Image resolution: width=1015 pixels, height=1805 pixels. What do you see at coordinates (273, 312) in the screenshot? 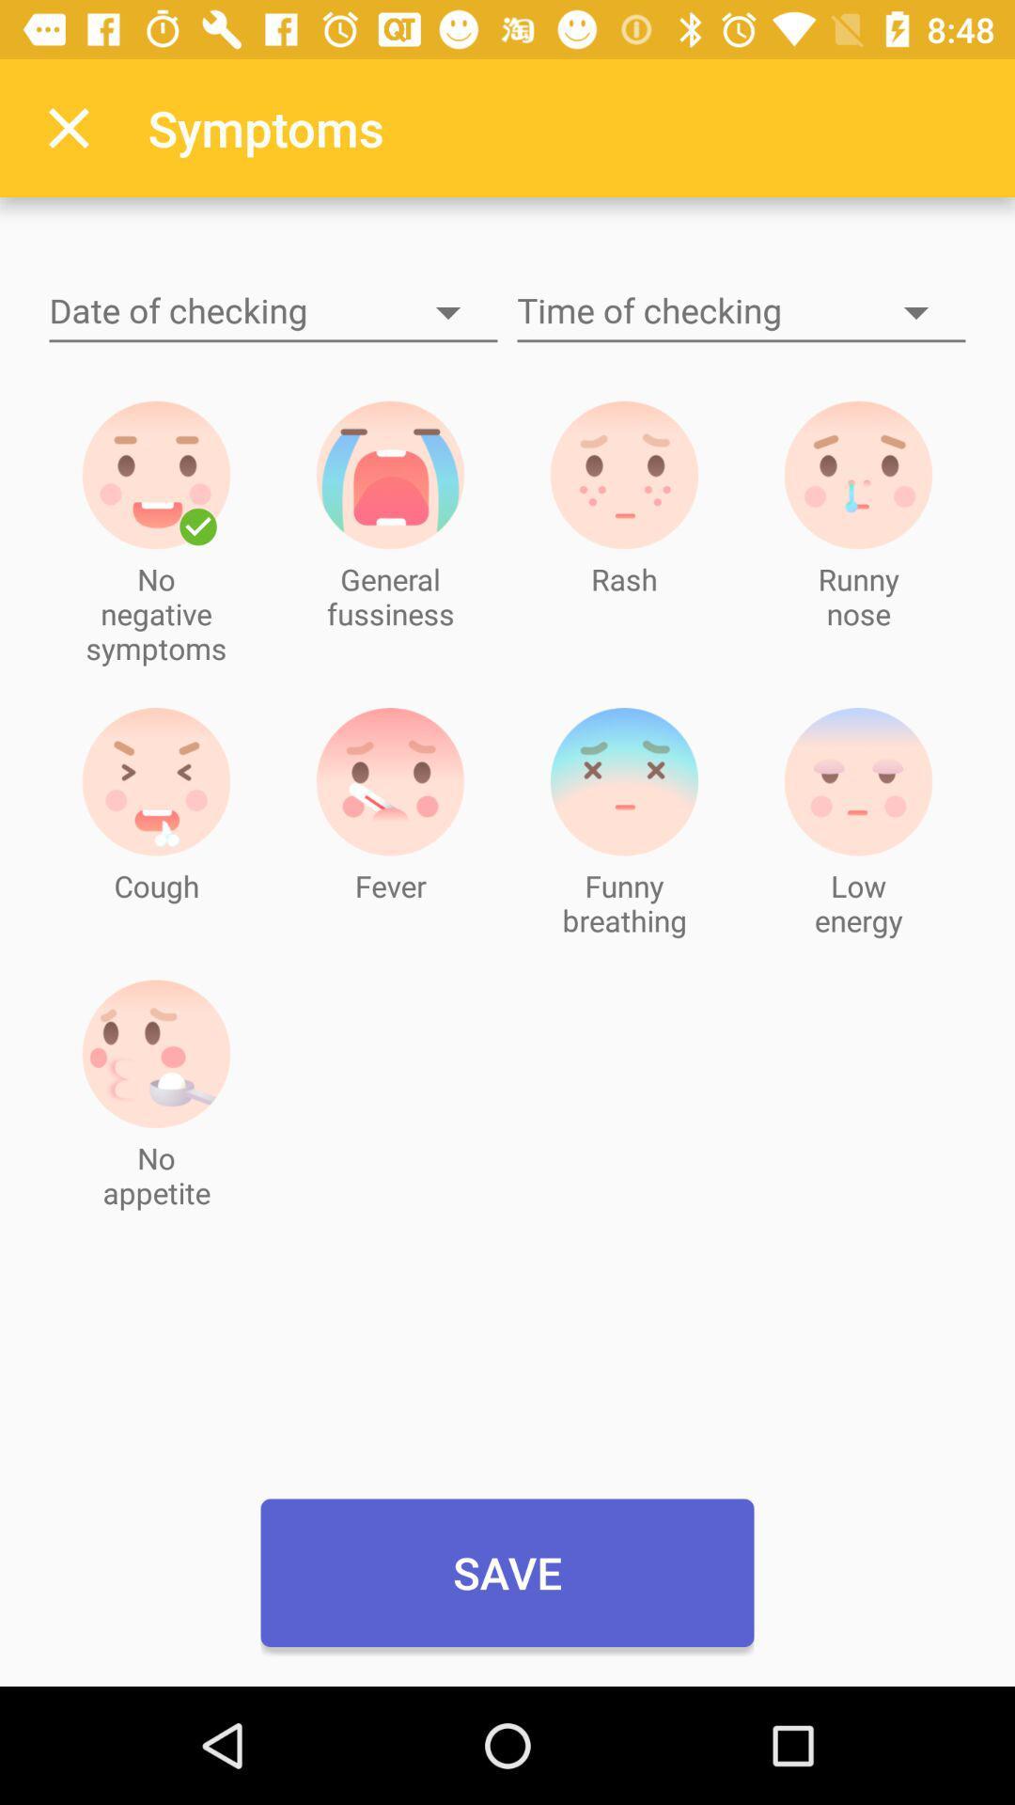
I see `date of checking` at bounding box center [273, 312].